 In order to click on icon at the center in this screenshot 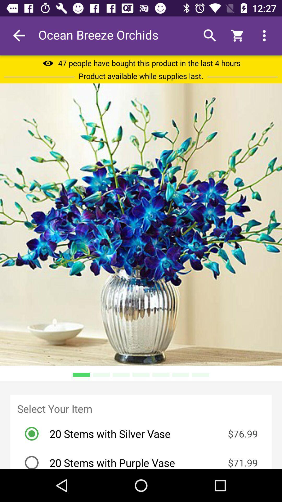, I will do `click(141, 224)`.